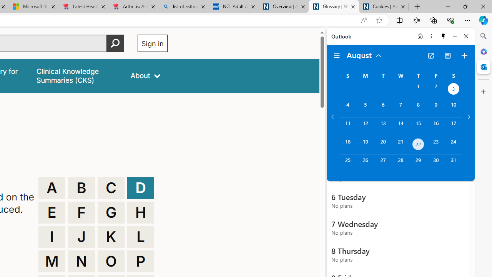 The image size is (492, 277). I want to click on 'Saturday, August 3, 2024. Date selected. ', so click(454, 89).